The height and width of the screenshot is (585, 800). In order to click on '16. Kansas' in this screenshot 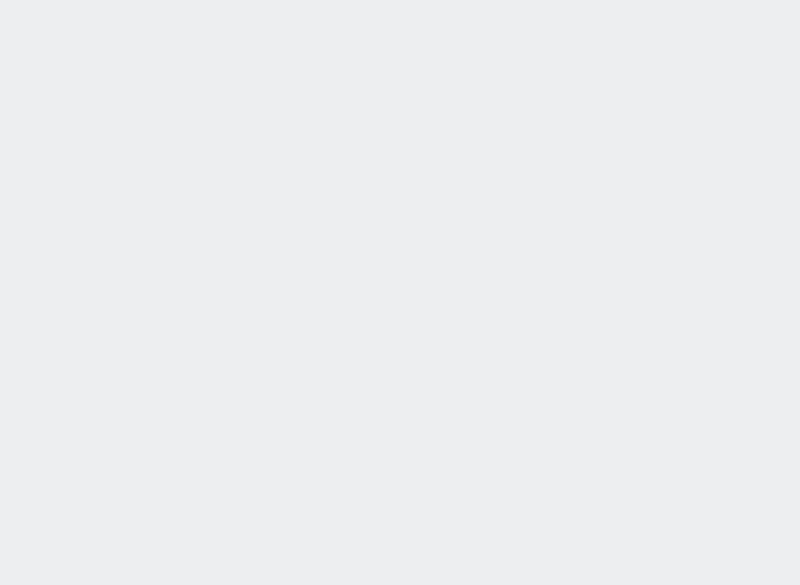, I will do `click(527, 238)`.